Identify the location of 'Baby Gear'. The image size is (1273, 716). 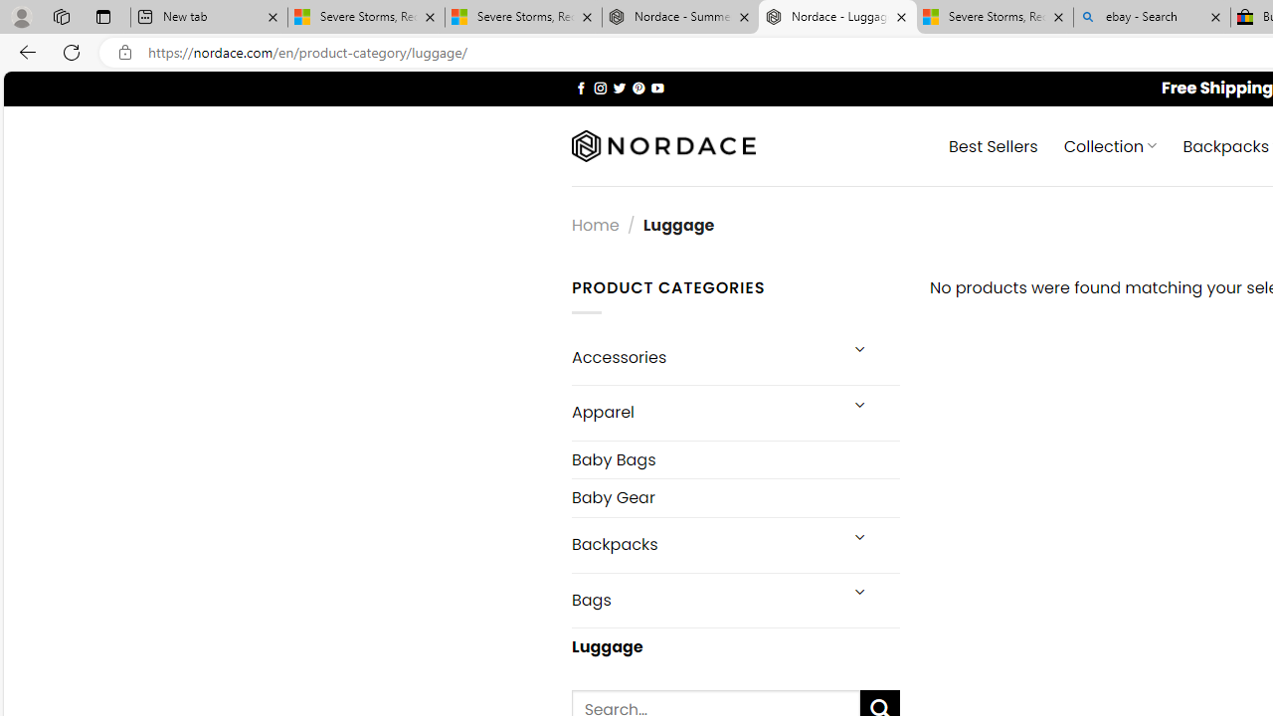
(734, 496).